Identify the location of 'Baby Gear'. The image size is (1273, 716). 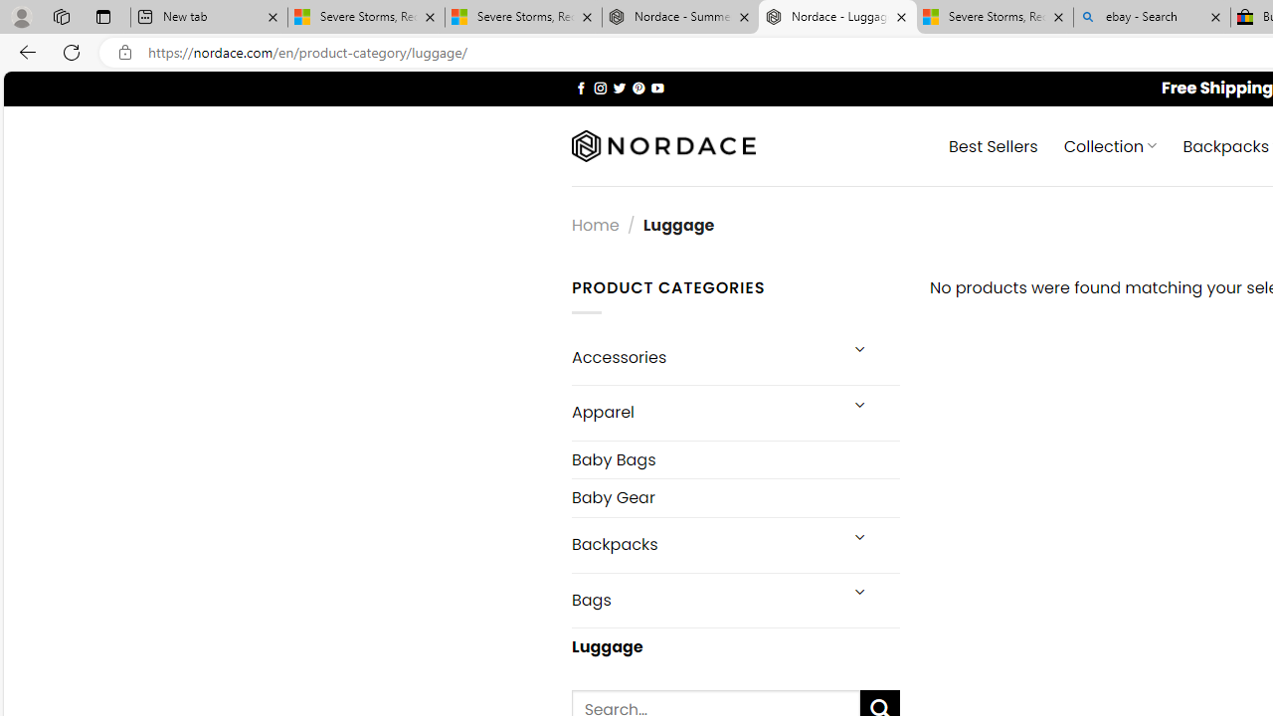
(734, 496).